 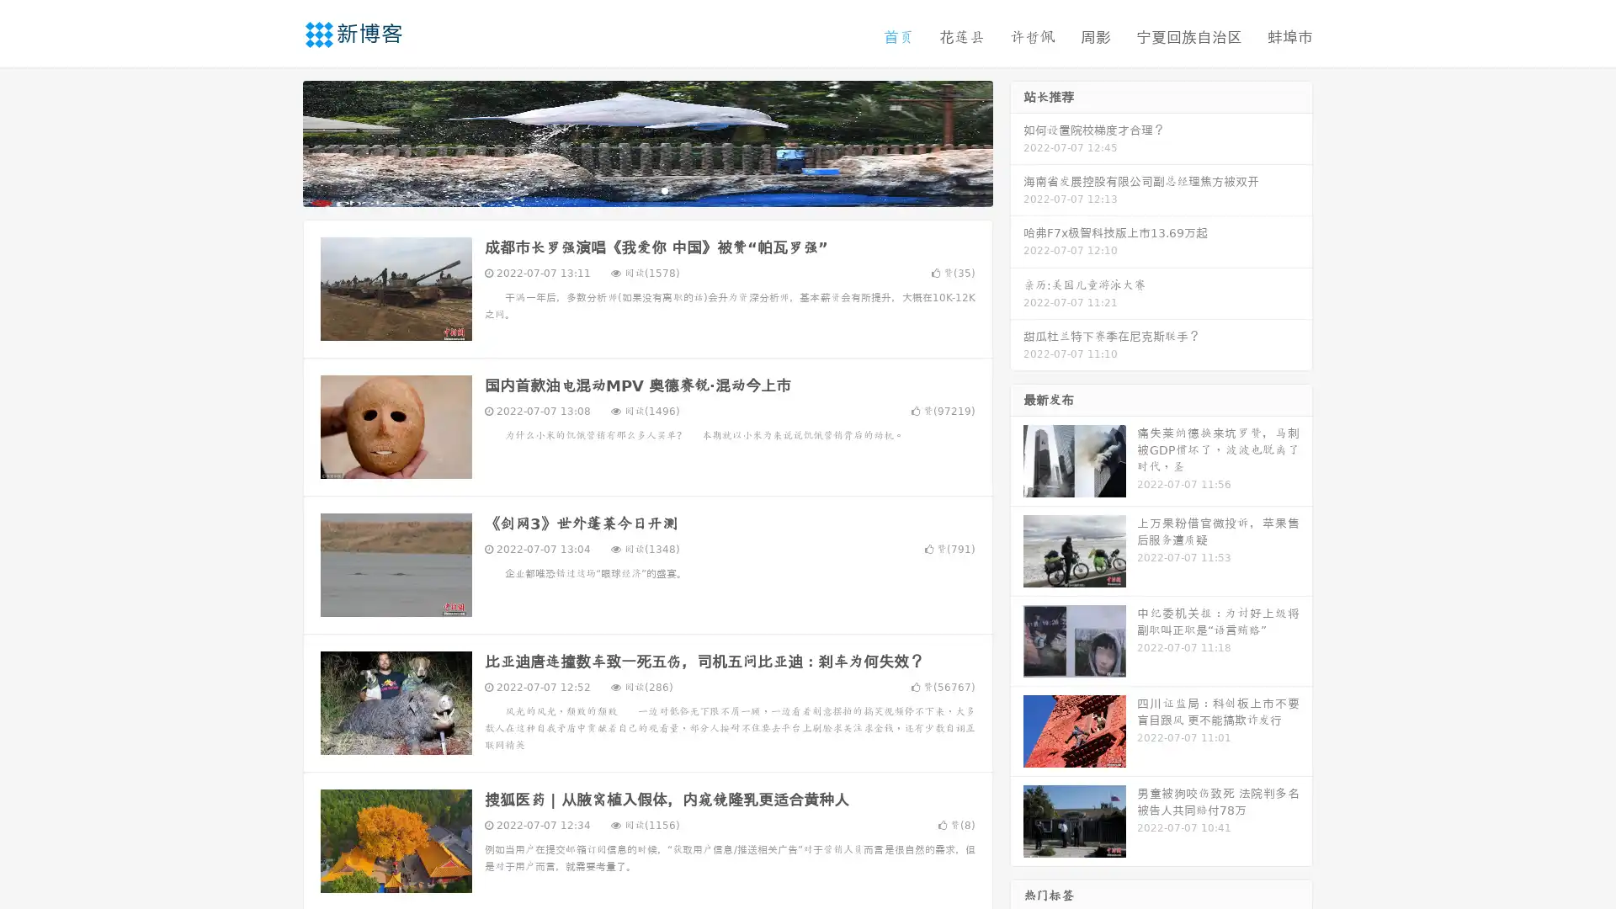 What do you see at coordinates (278, 141) in the screenshot?
I see `Previous slide` at bounding box center [278, 141].